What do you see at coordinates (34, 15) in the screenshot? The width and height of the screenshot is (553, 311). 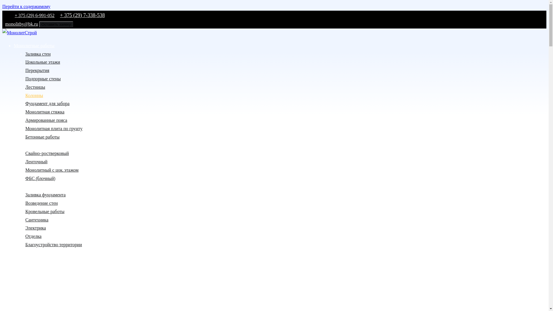 I see `'+ 375 (29) 6-991-052'` at bounding box center [34, 15].